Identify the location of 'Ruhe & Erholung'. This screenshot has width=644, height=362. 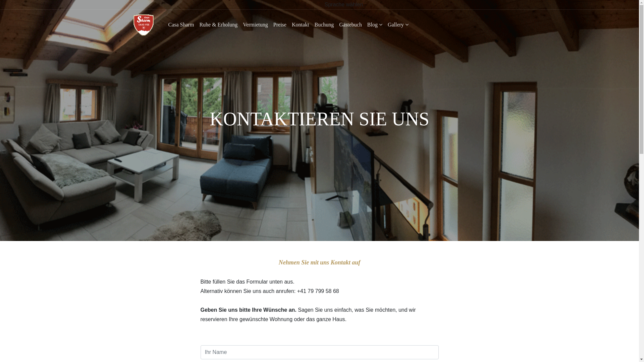
(218, 24).